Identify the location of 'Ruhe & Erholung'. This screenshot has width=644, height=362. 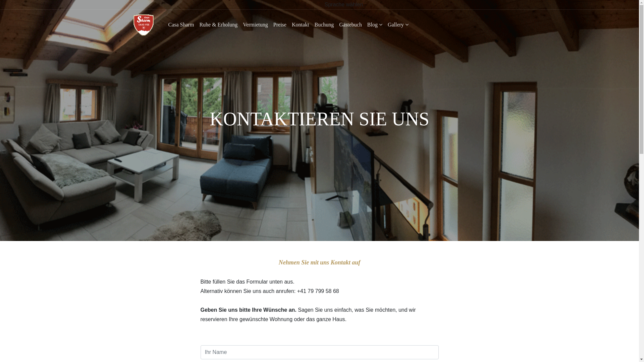
(218, 24).